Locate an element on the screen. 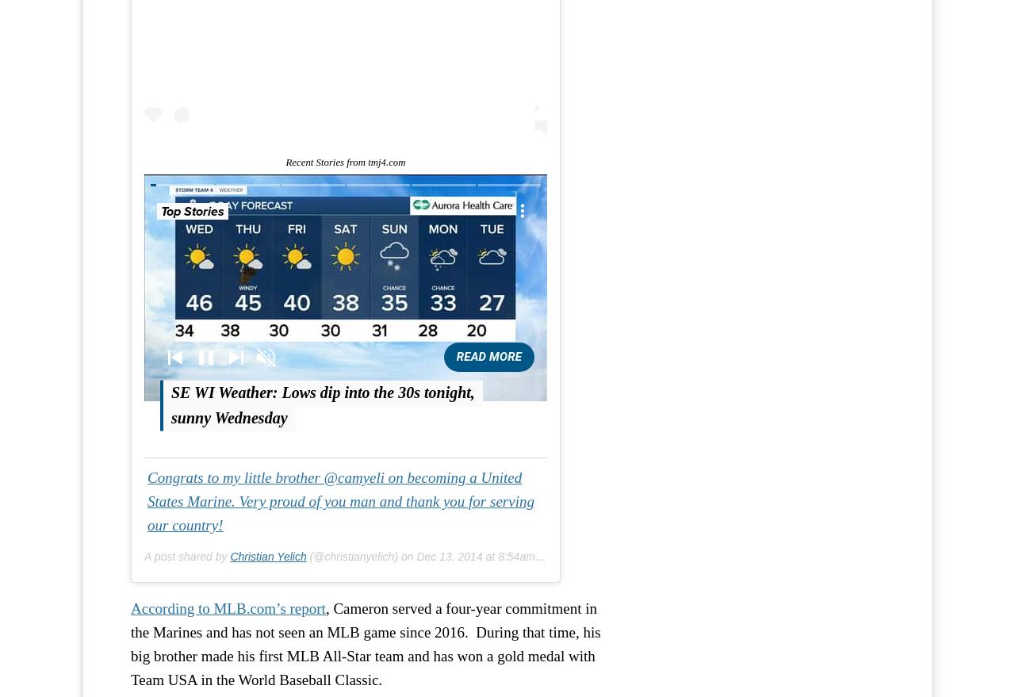  'Congrats to my little brother @camyeli on becoming a United States Marine. Very proud of you man and thank you for serving our country!' is located at coordinates (339, 500).